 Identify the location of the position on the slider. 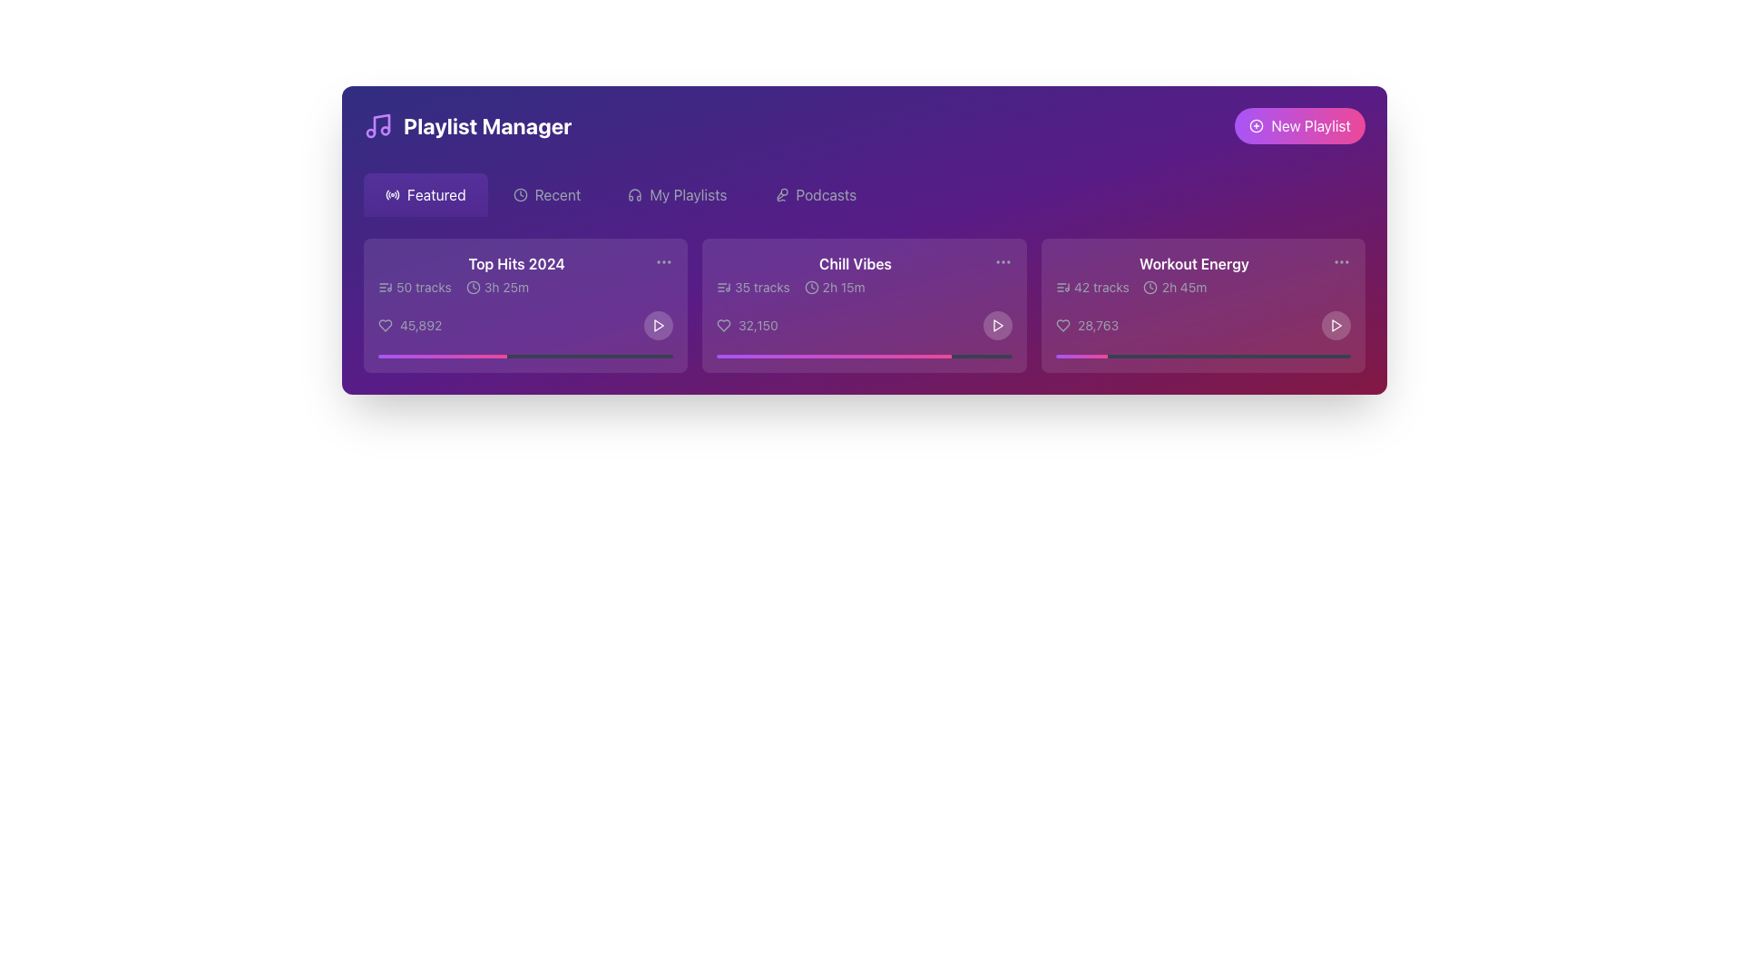
(948, 357).